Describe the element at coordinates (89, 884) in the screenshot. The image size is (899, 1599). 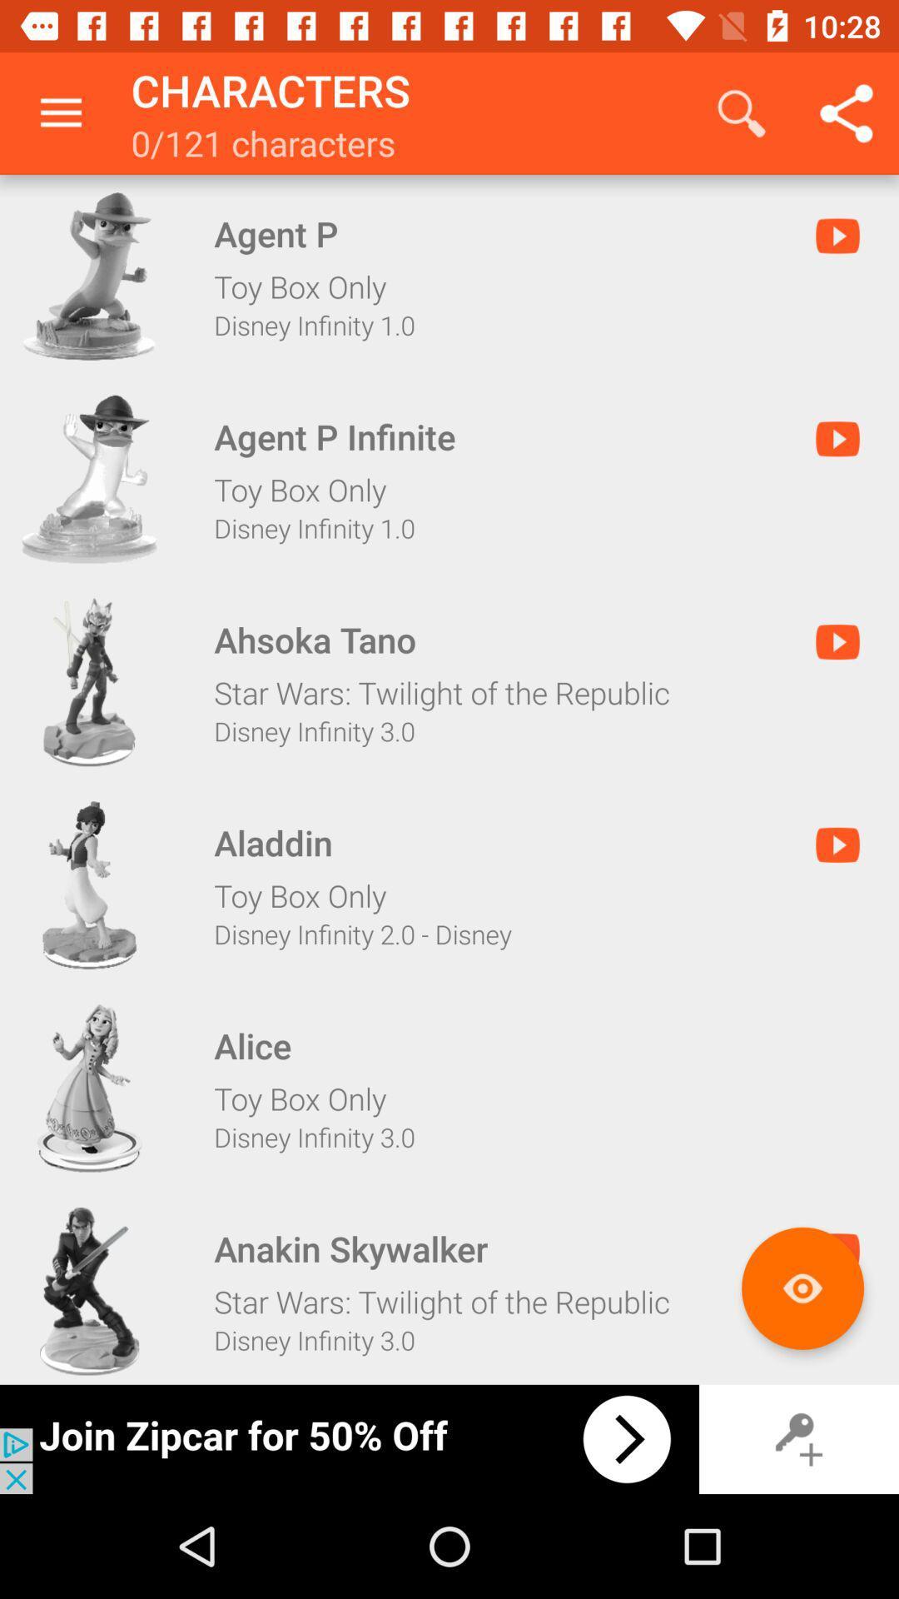
I see `aladdin page` at that location.